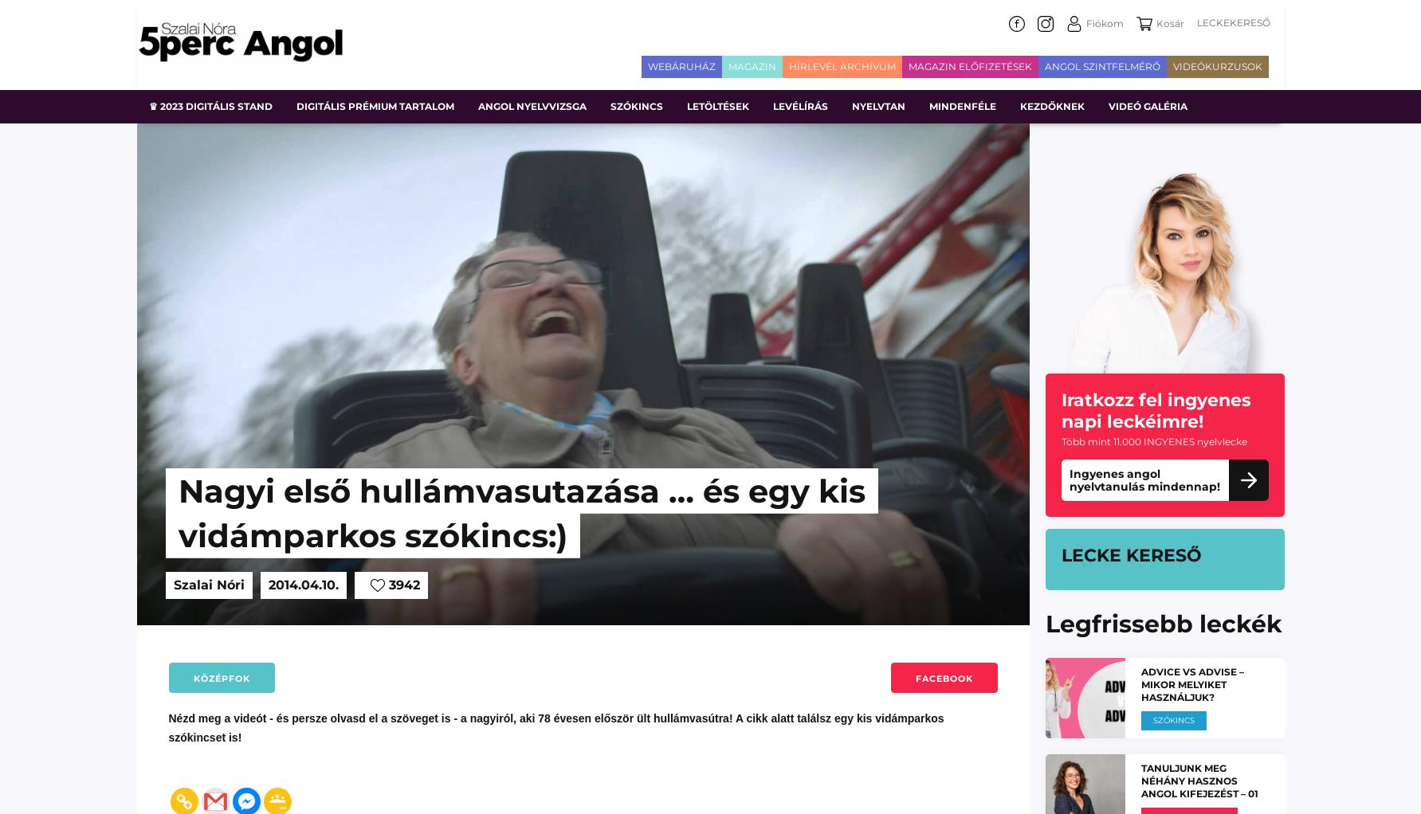 This screenshot has width=1421, height=814. I want to click on 'Szalai Nóri', so click(172, 584).